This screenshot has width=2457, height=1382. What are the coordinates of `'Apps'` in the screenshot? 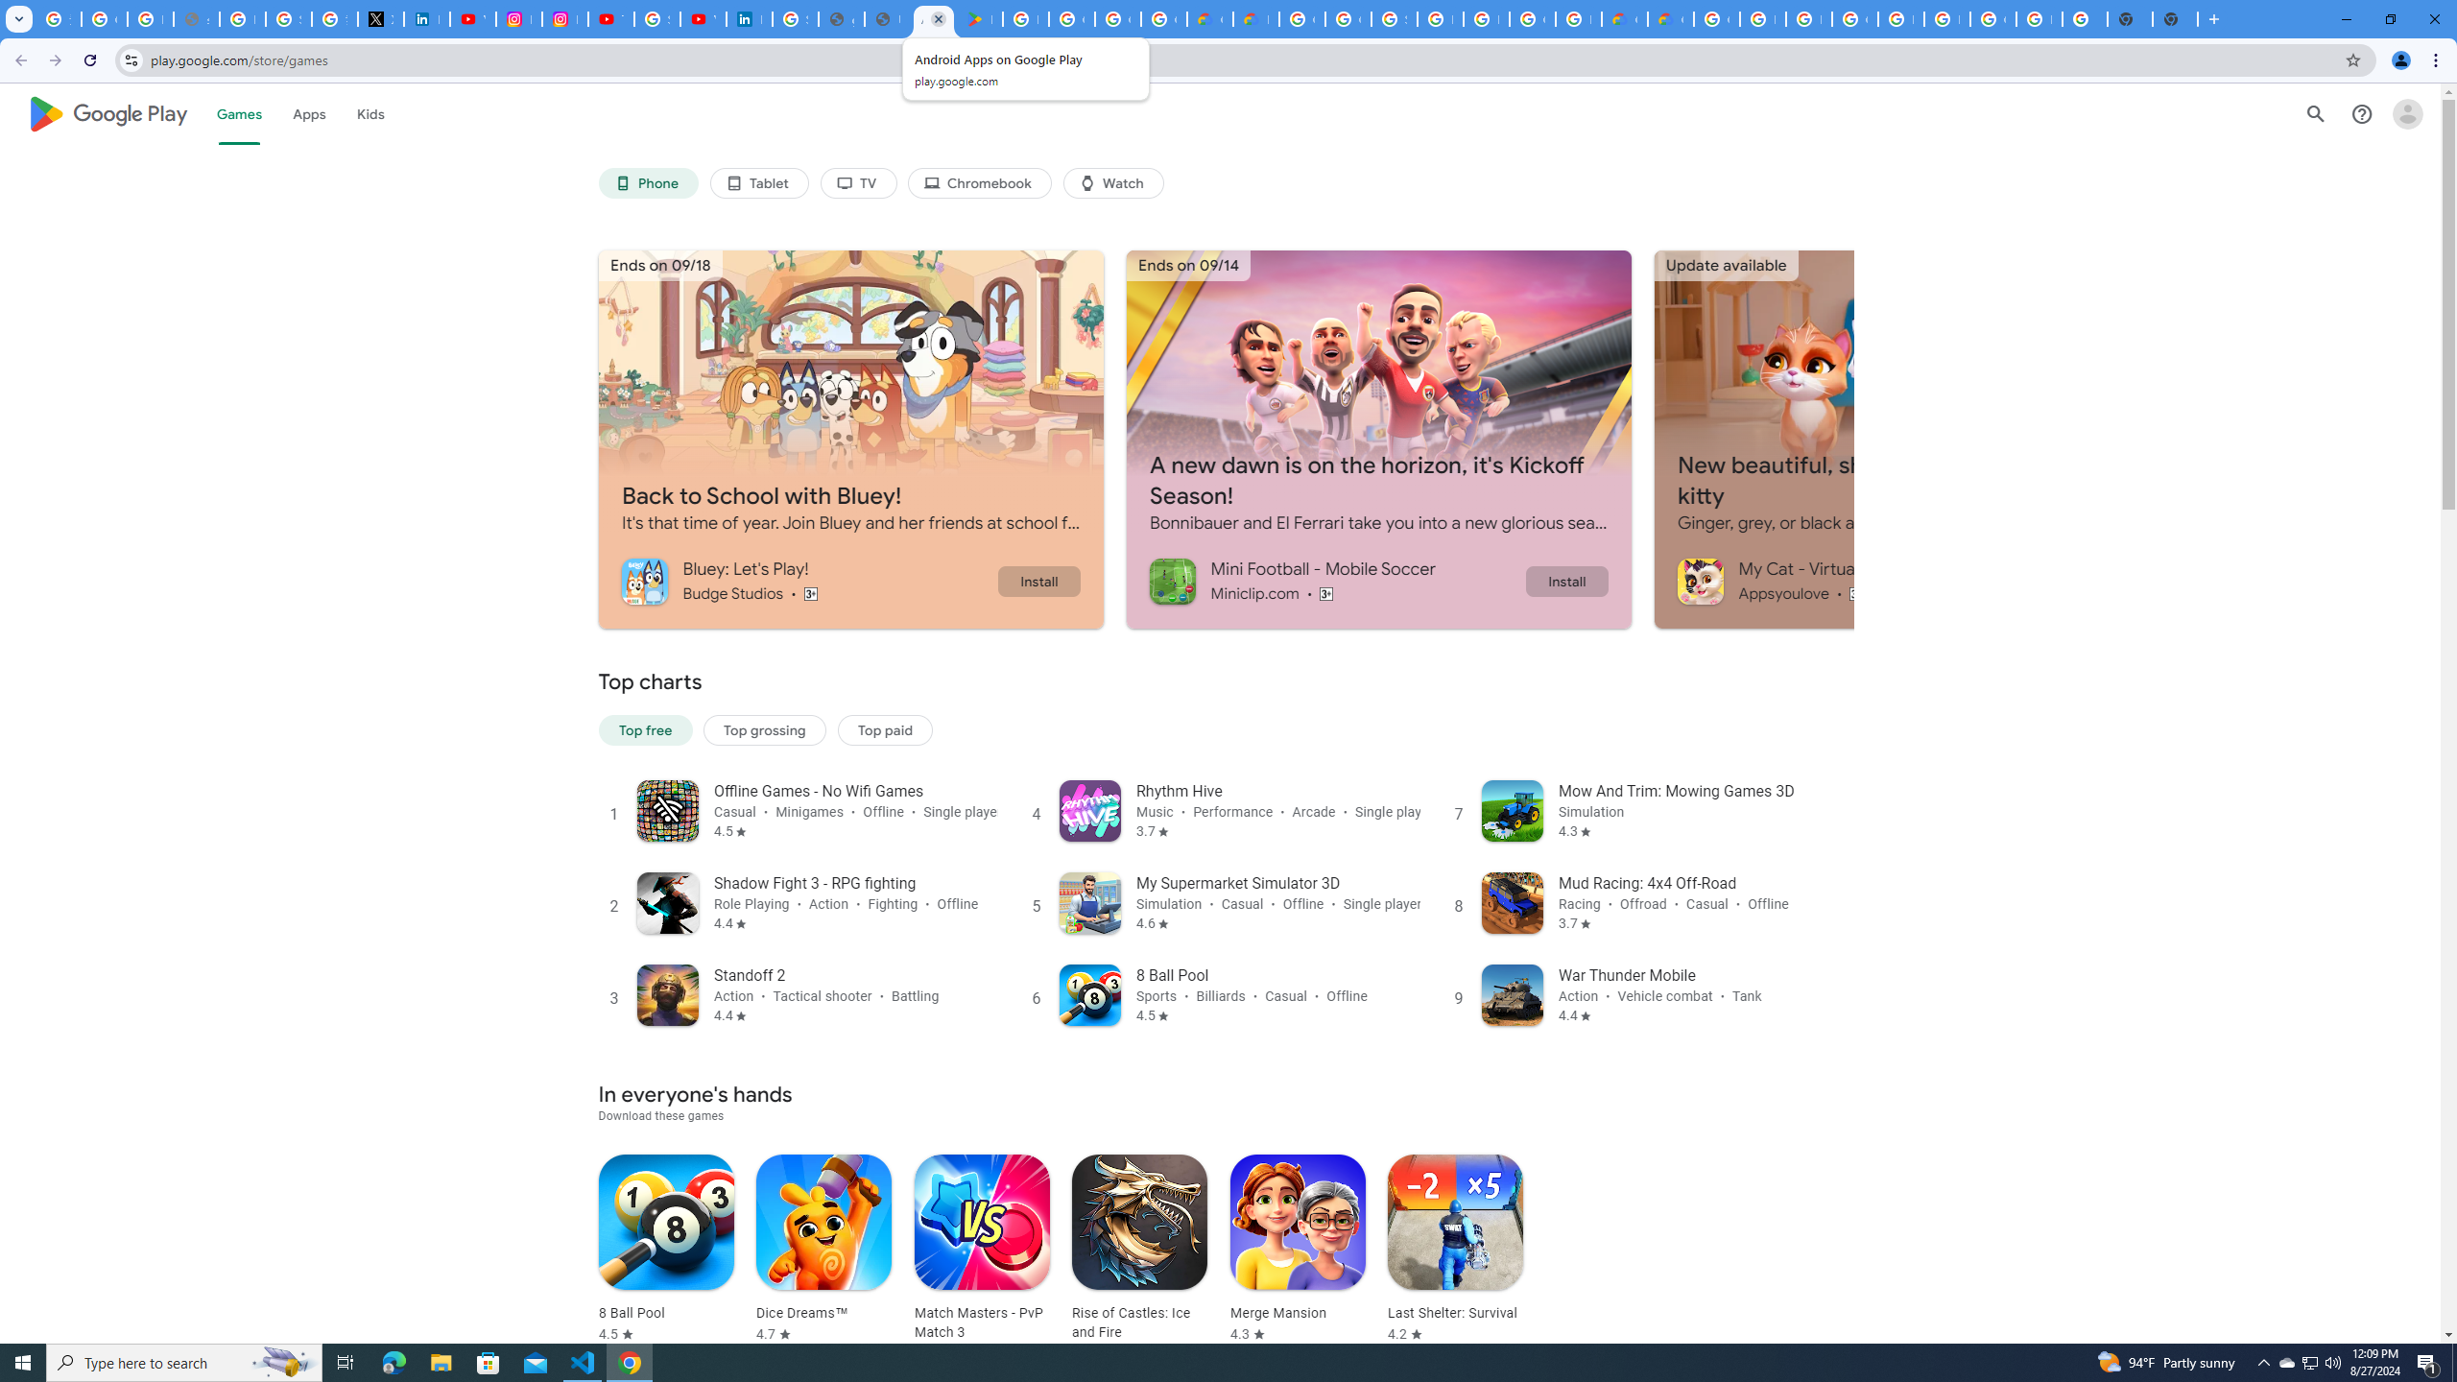 It's located at (308, 113).